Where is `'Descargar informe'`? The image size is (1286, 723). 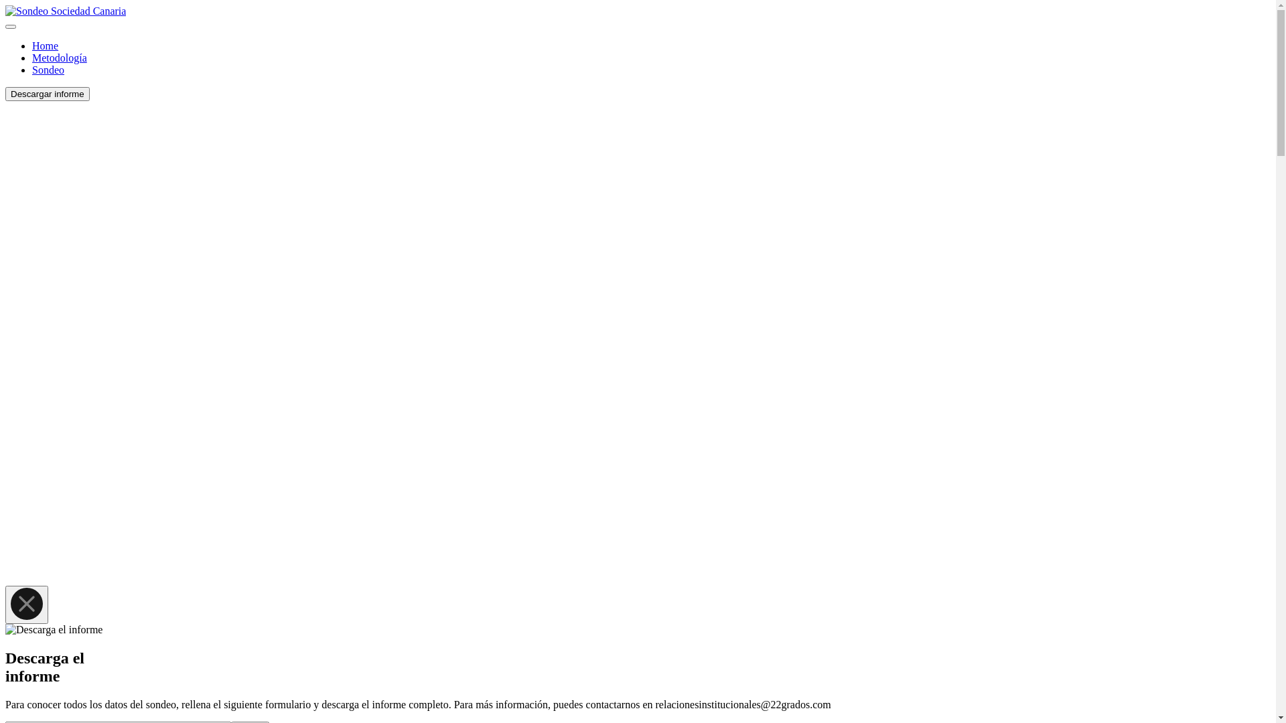
'Descargar informe' is located at coordinates (5, 93).